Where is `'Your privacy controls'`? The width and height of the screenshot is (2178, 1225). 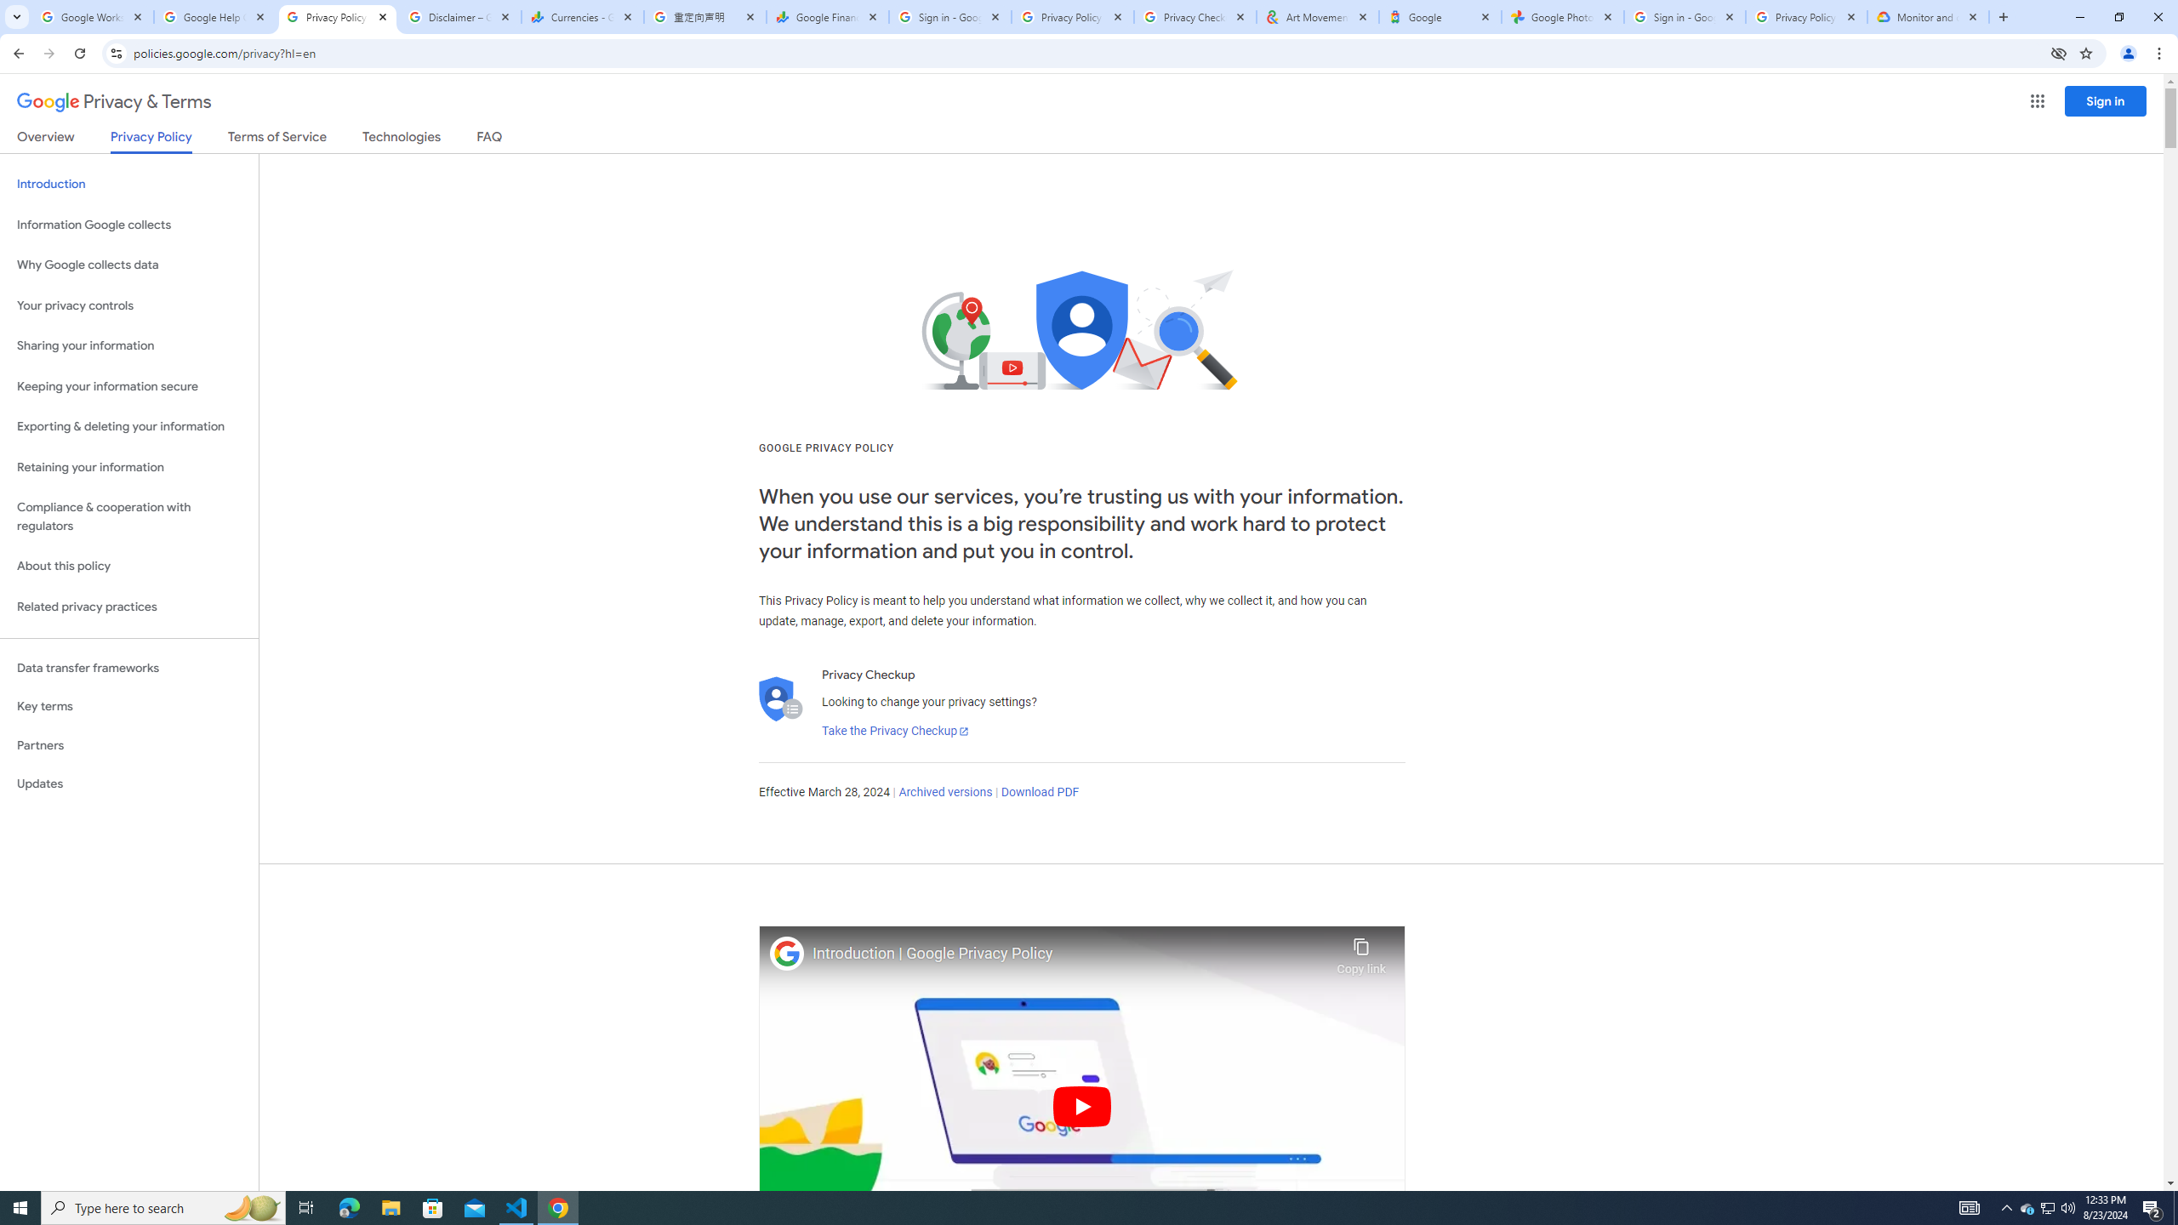 'Your privacy controls' is located at coordinates (128, 306).